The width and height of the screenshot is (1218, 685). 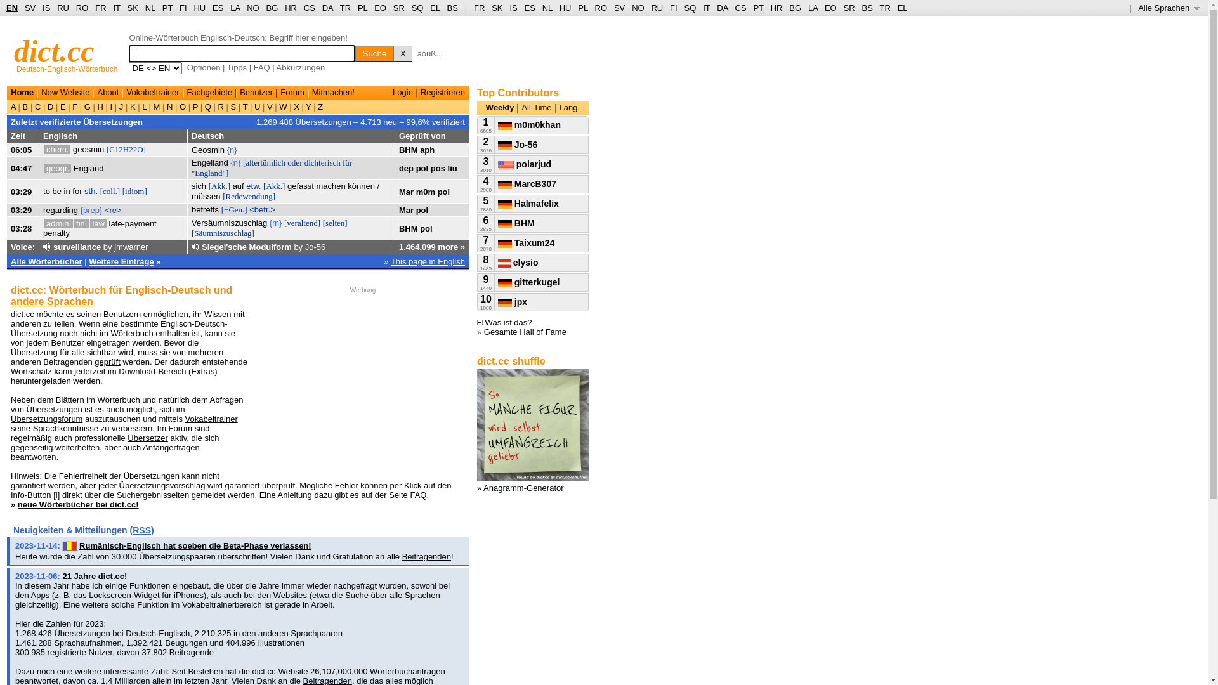 What do you see at coordinates (702, 8) in the screenshot?
I see `'IT'` at bounding box center [702, 8].